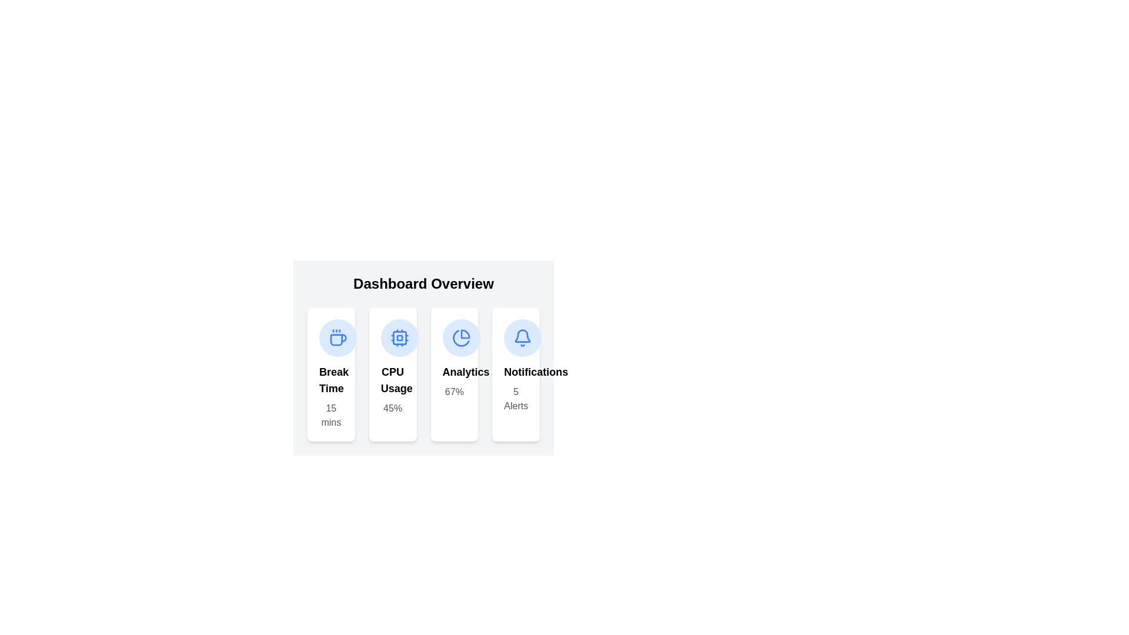 This screenshot has width=1129, height=635. Describe the element at coordinates (516, 372) in the screenshot. I see `the text label indicating notifications located in the fourth column of the grid layout under 'Dashboard Overview', positioned above '5 Alerts'` at that location.